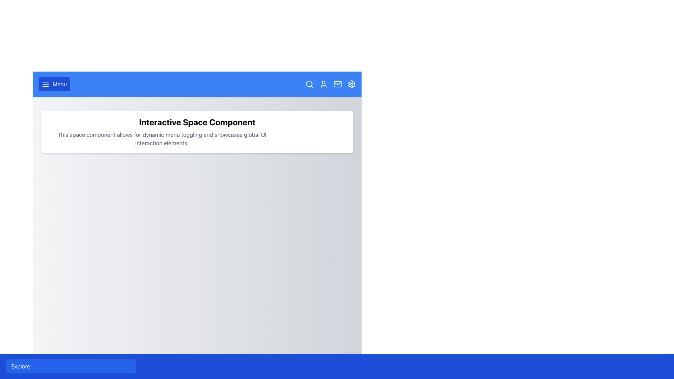  I want to click on the cogwheel icon button located in the top-right corner of the interface, so click(352, 84).